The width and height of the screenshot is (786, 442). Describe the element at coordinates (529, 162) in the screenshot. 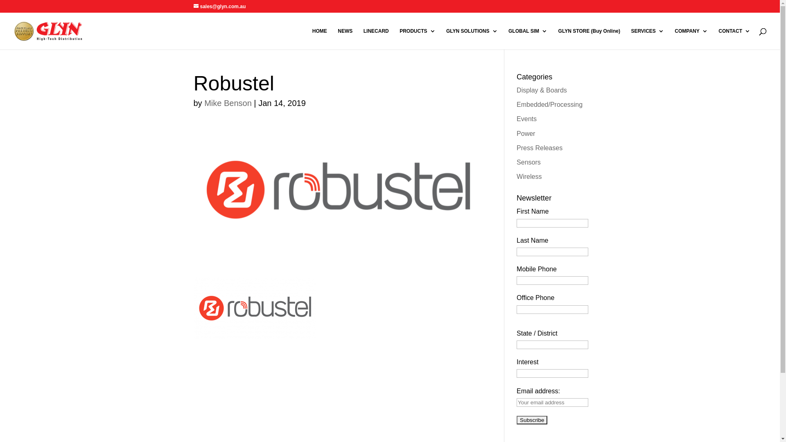

I see `'Sensors'` at that location.